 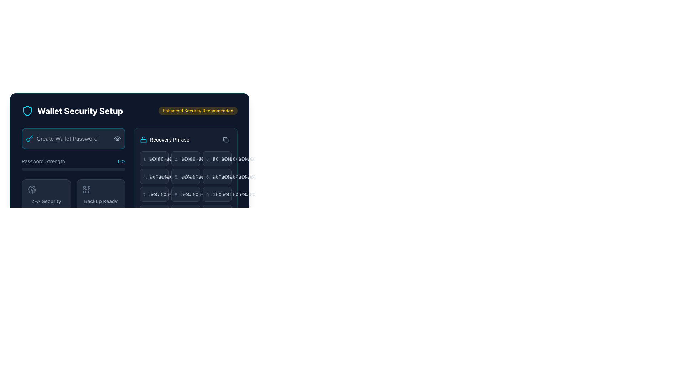 What do you see at coordinates (144, 159) in the screenshot?
I see `the text label displaying the value '1.' in a small, subdued font style located in the 'Recovery Phrase' section of the wallet setup interface` at bounding box center [144, 159].